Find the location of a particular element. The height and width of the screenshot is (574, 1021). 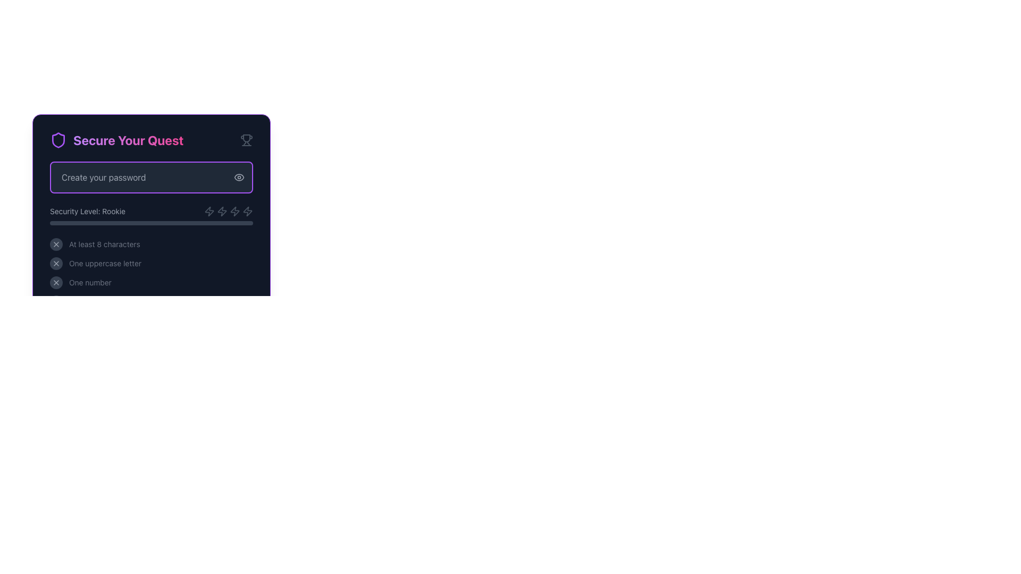

the label reading 'Security Level: Rookie' is located at coordinates (87, 211).